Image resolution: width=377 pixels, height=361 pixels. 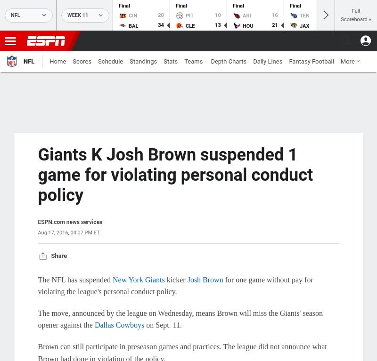 What do you see at coordinates (175, 285) in the screenshot?
I see `'for one game without pay for violating the league's personal conduct policy.'` at bounding box center [175, 285].